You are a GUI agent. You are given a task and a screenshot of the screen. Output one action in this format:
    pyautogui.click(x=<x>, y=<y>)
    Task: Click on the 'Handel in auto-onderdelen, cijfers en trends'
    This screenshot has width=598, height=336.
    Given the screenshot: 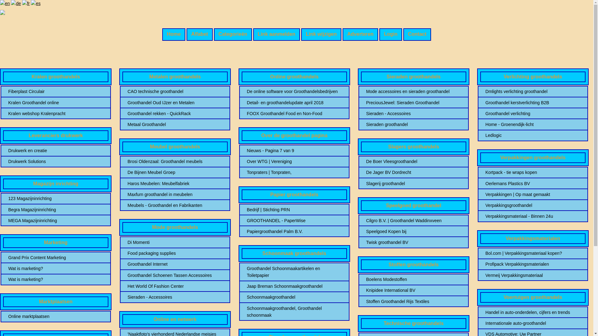 What is the action you would take?
    pyautogui.click(x=533, y=312)
    